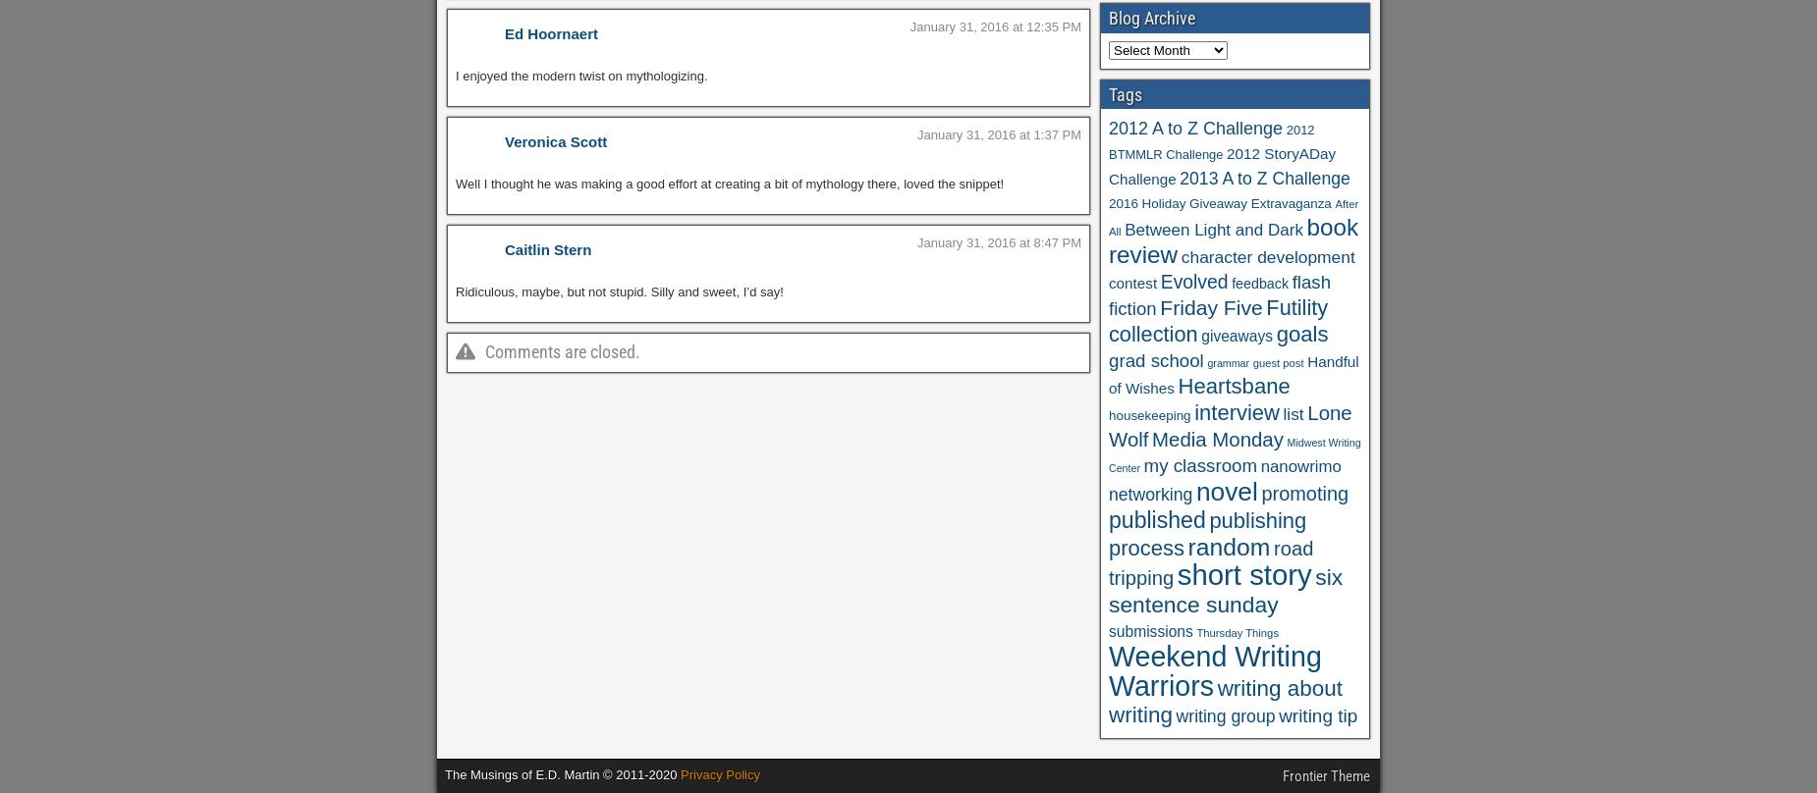 The height and width of the screenshot is (793, 1817). I want to click on 'Heartsbane', so click(1232, 385).